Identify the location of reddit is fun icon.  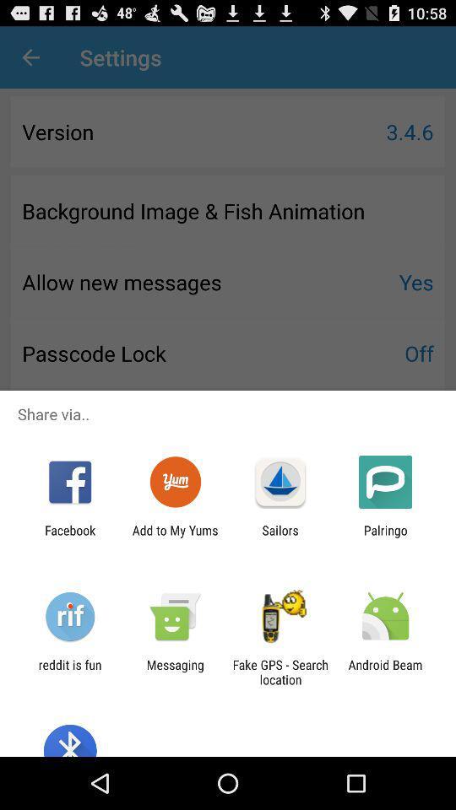
(69, 672).